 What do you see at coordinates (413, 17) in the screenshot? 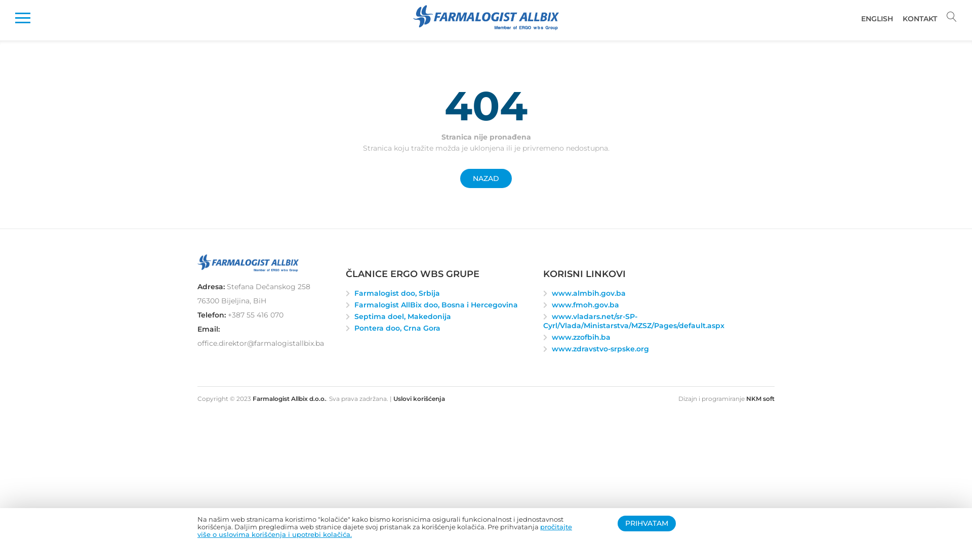
I see `'Farmalogist Allbix d.o.o.'` at bounding box center [413, 17].